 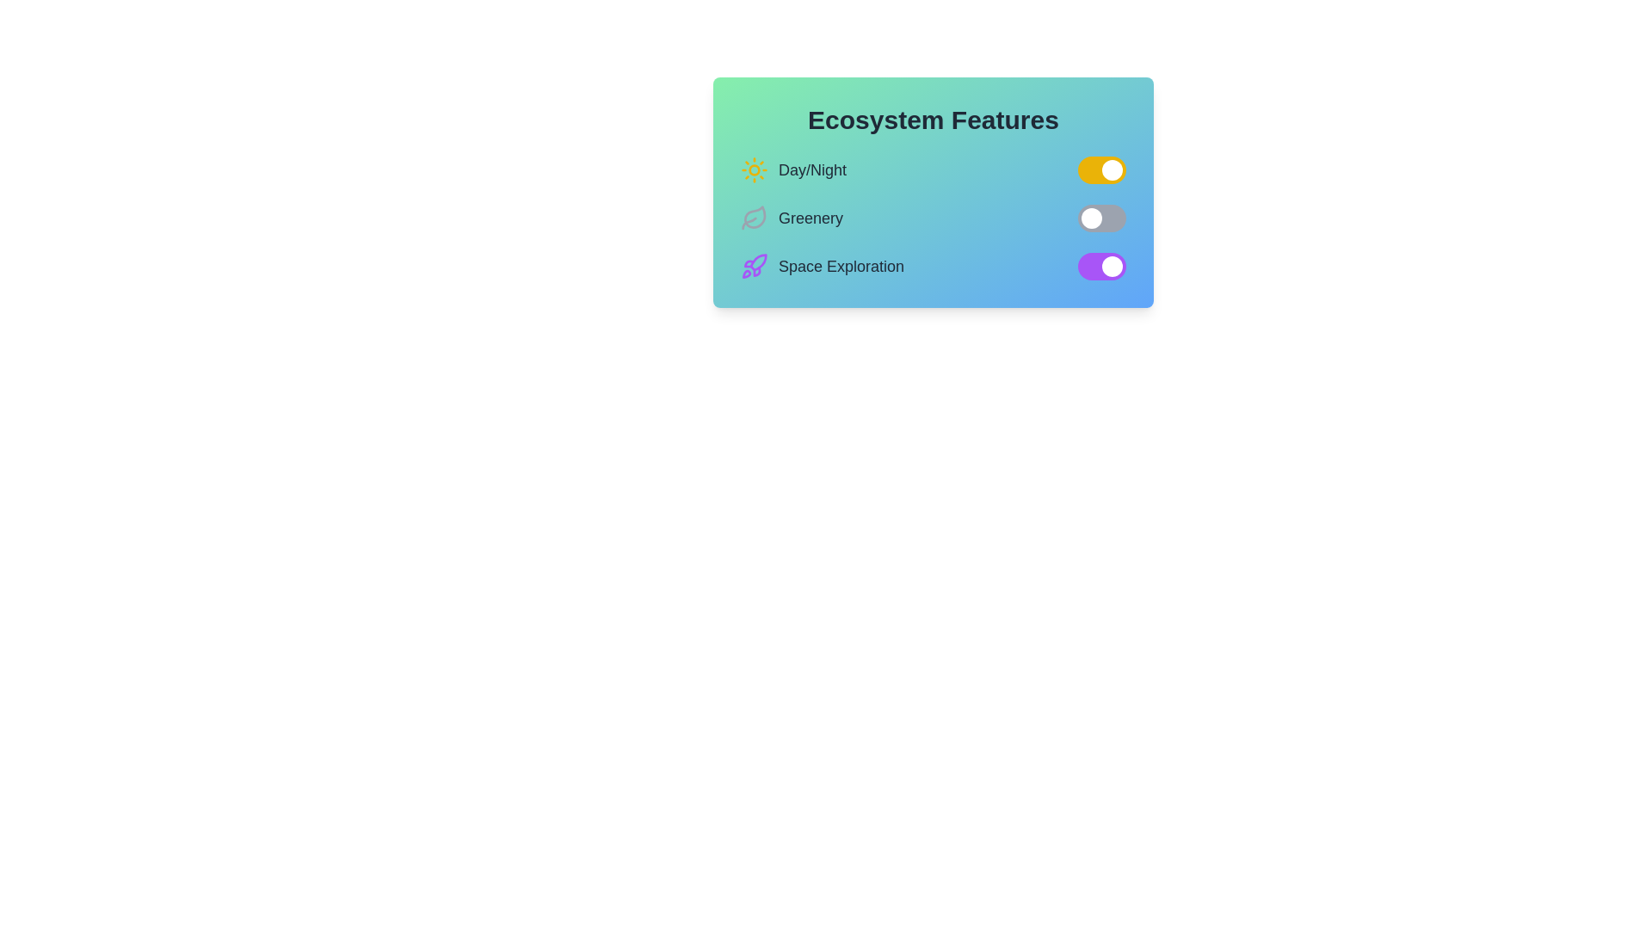 What do you see at coordinates (821, 266) in the screenshot?
I see `the 'Space Exploration' text element, which features a purple rocket icon to the left` at bounding box center [821, 266].